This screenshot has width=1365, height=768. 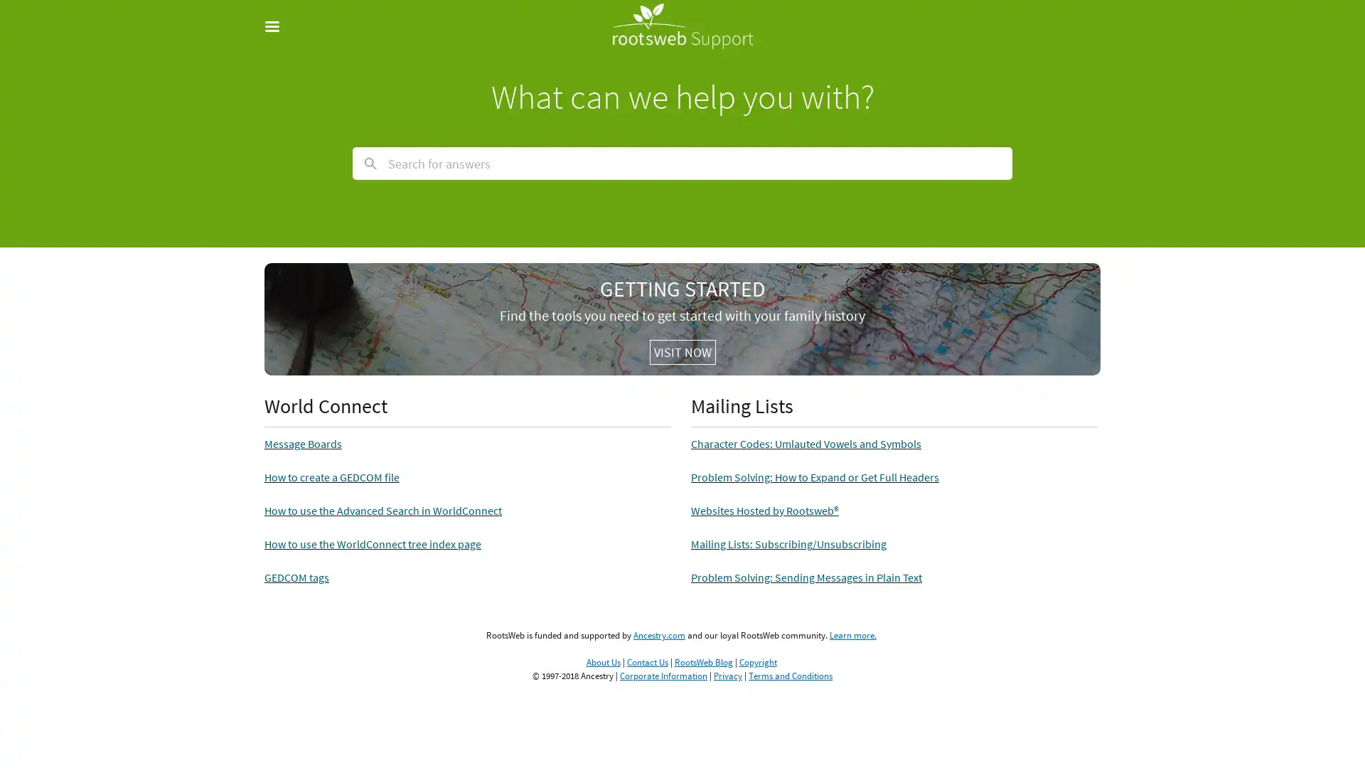 I want to click on Search, so click(x=370, y=163).